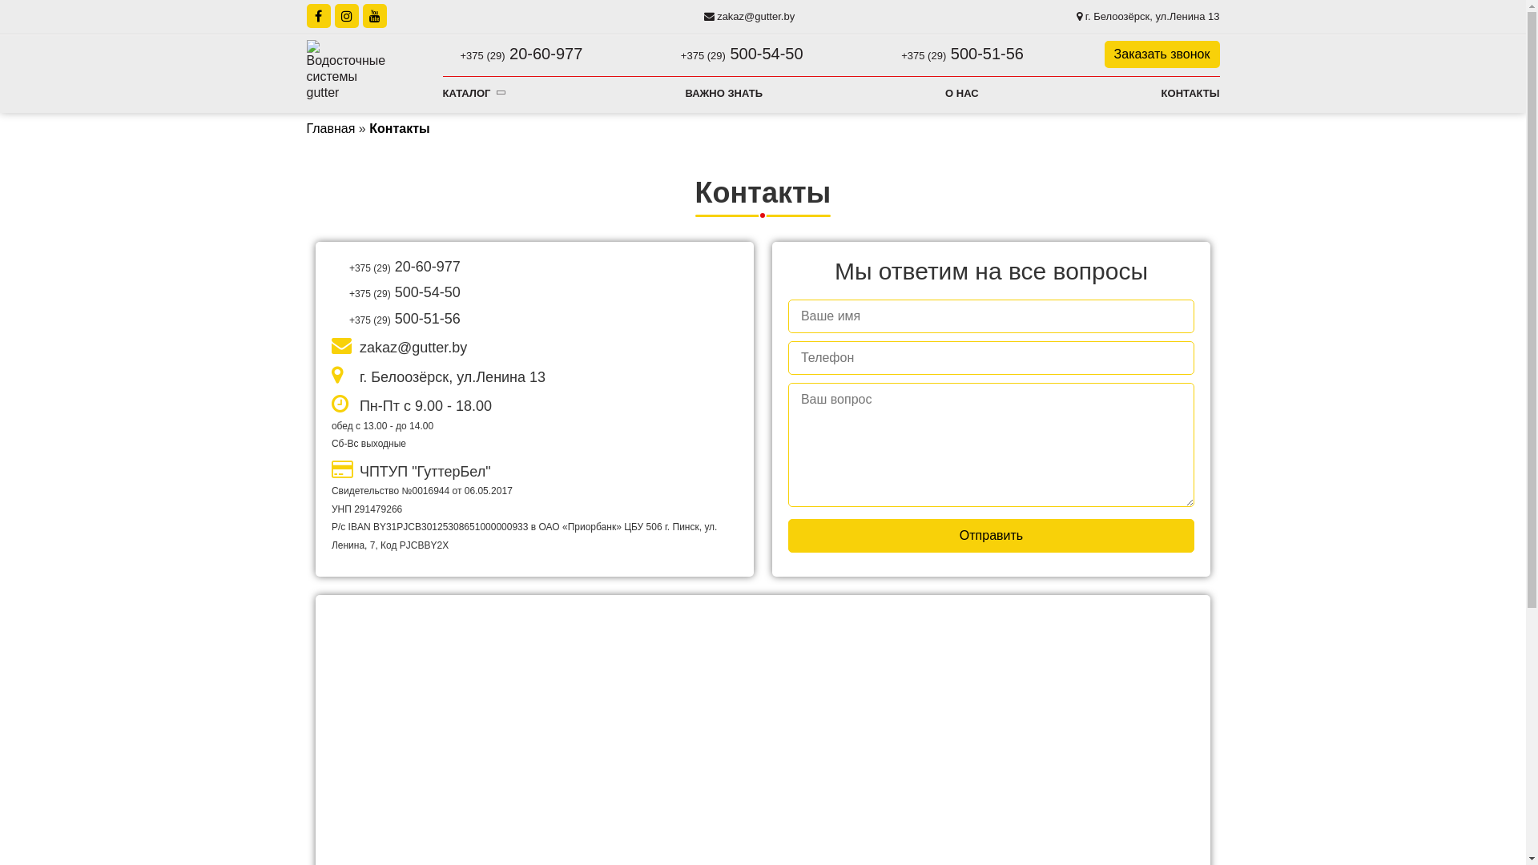  I want to click on '+375 (29) 500-54-50', so click(732, 53).